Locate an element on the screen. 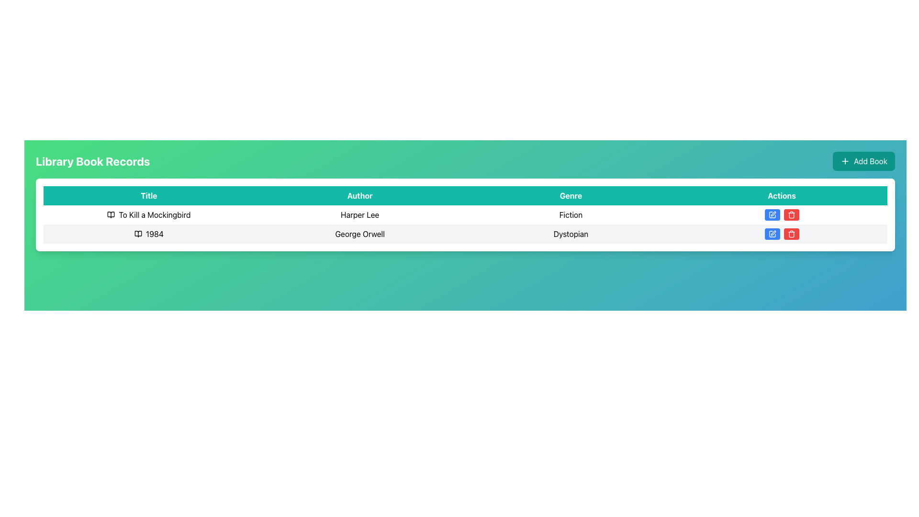 The width and height of the screenshot is (919, 517). book title 'To Kill a Mockingbird' displayed in the Text Label located in the 'Title' column of the first row within the 'Library Book Records' table is located at coordinates (155, 214).